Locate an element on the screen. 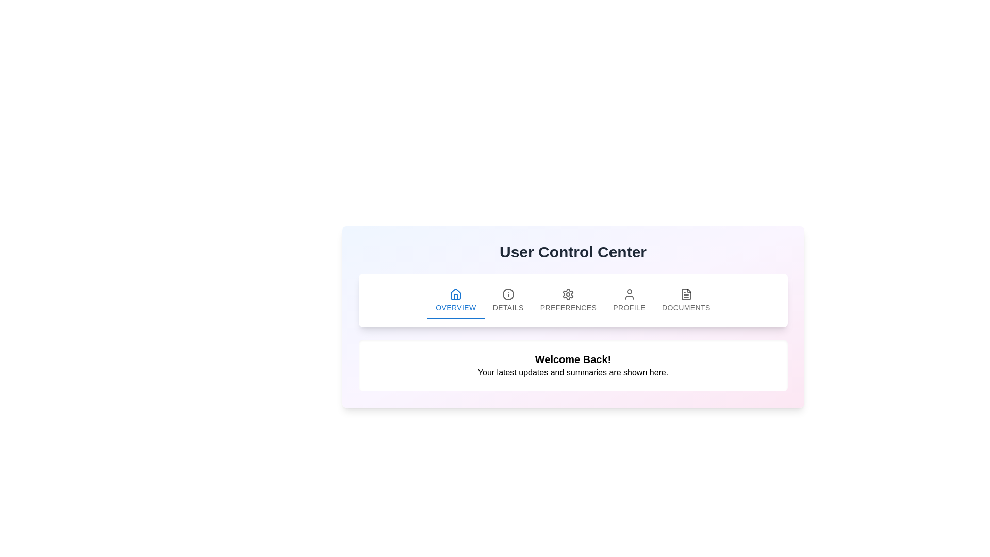 This screenshot has height=557, width=990. the user outline icon within the 'Profile' tab, which is the fourth item in the navigation bar, centered above the label 'PROFILE' is located at coordinates (629, 294).